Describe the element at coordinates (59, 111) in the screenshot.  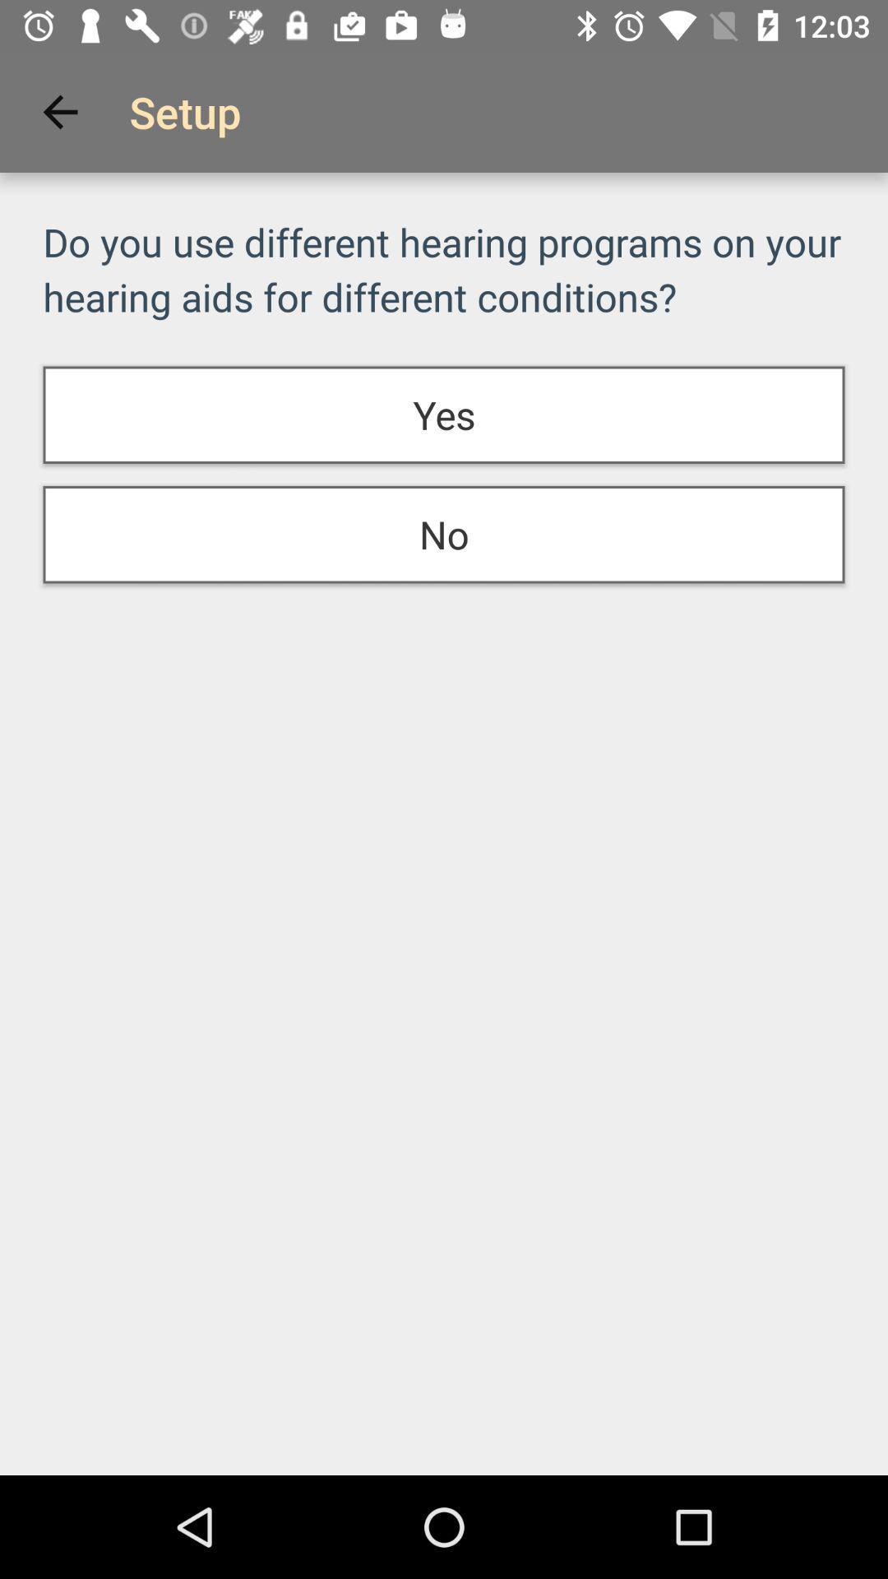
I see `the item above the do you use icon` at that location.